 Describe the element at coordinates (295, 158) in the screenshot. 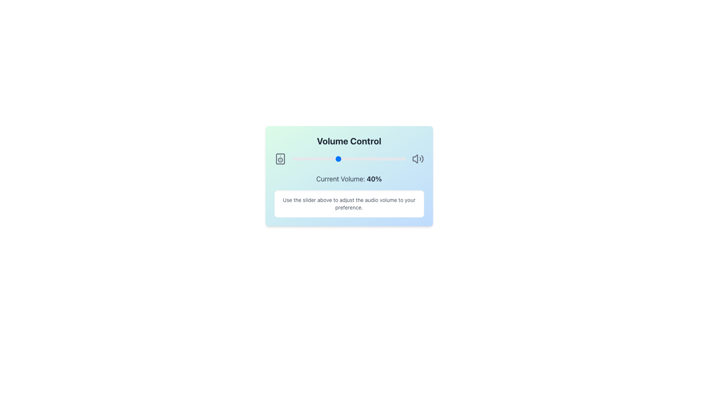

I see `the volume level` at that location.